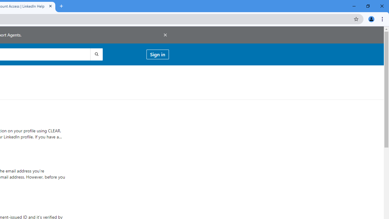 The width and height of the screenshot is (389, 219). What do you see at coordinates (96, 54) in the screenshot?
I see `'Submit search'` at bounding box center [96, 54].